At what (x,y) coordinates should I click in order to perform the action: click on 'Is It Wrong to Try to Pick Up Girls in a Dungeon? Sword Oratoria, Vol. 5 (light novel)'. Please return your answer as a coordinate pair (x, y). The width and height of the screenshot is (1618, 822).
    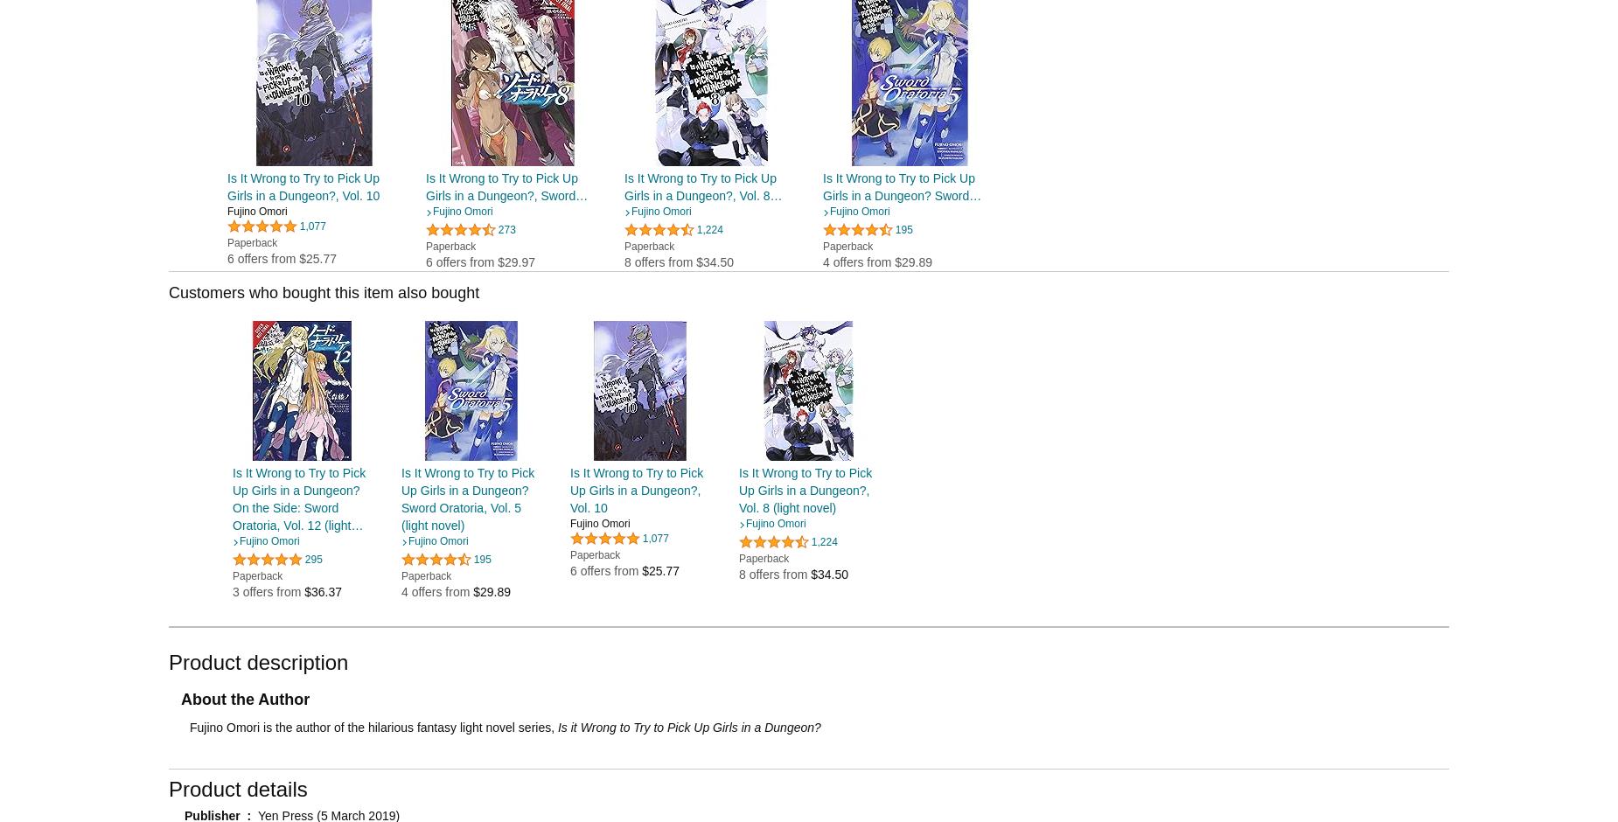
    Looking at the image, I should click on (468, 498).